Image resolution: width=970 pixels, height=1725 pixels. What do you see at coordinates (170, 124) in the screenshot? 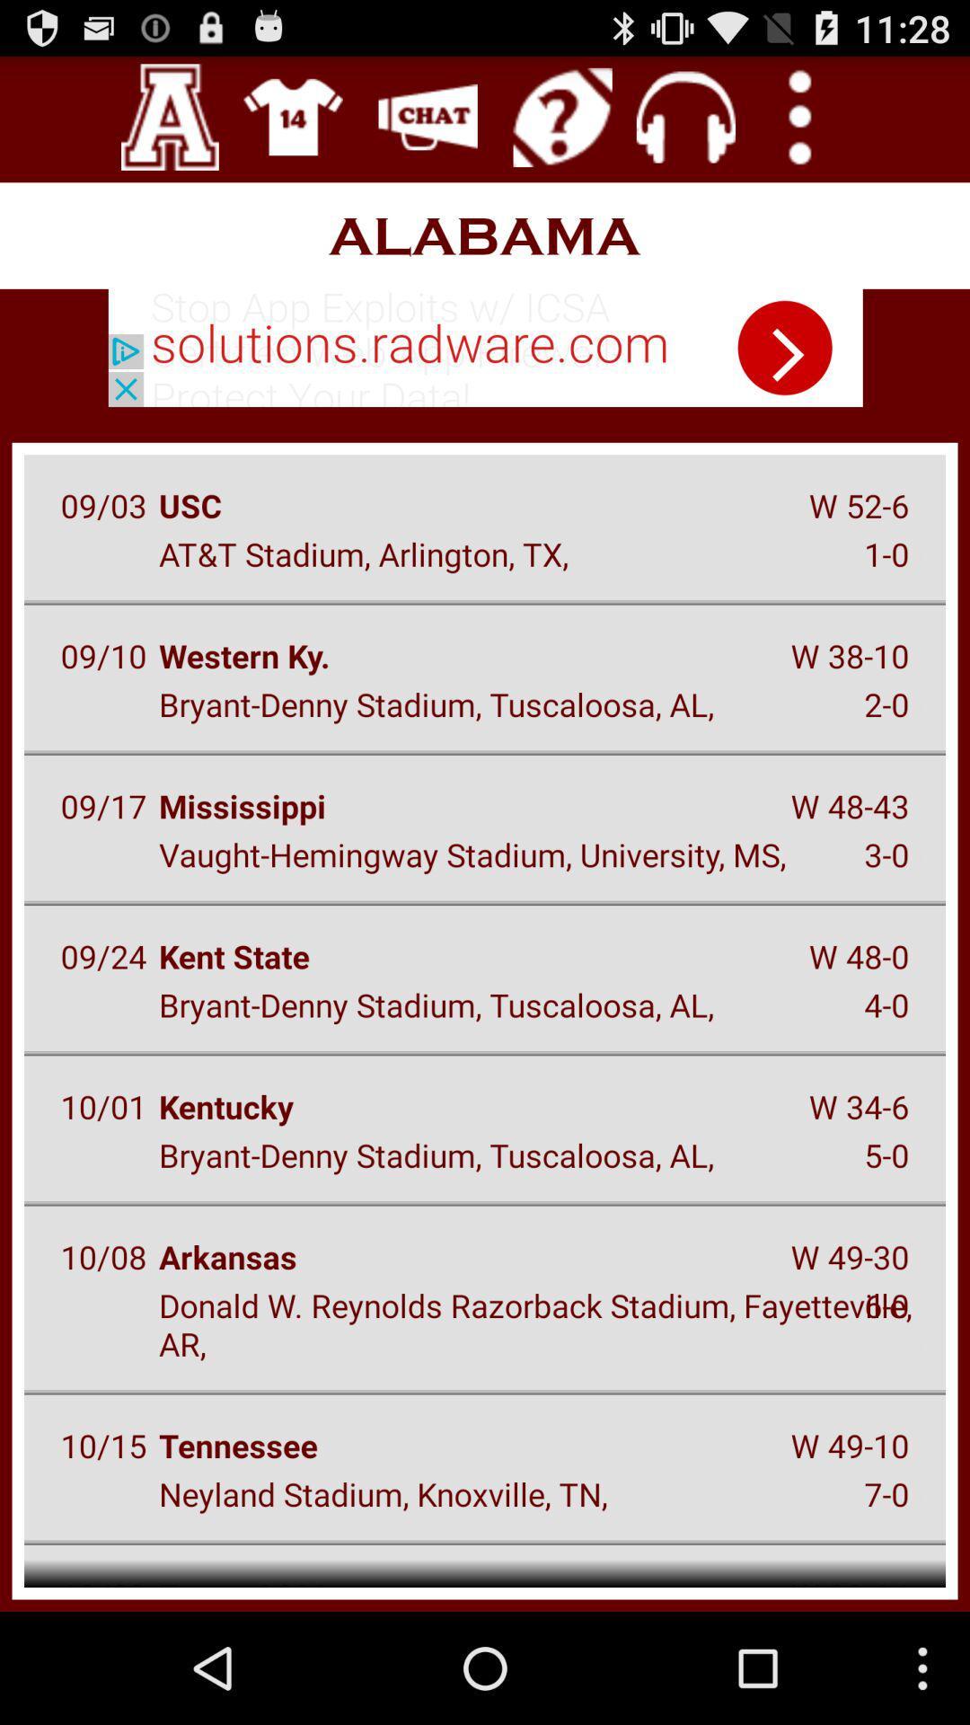
I see `the font icon` at bounding box center [170, 124].